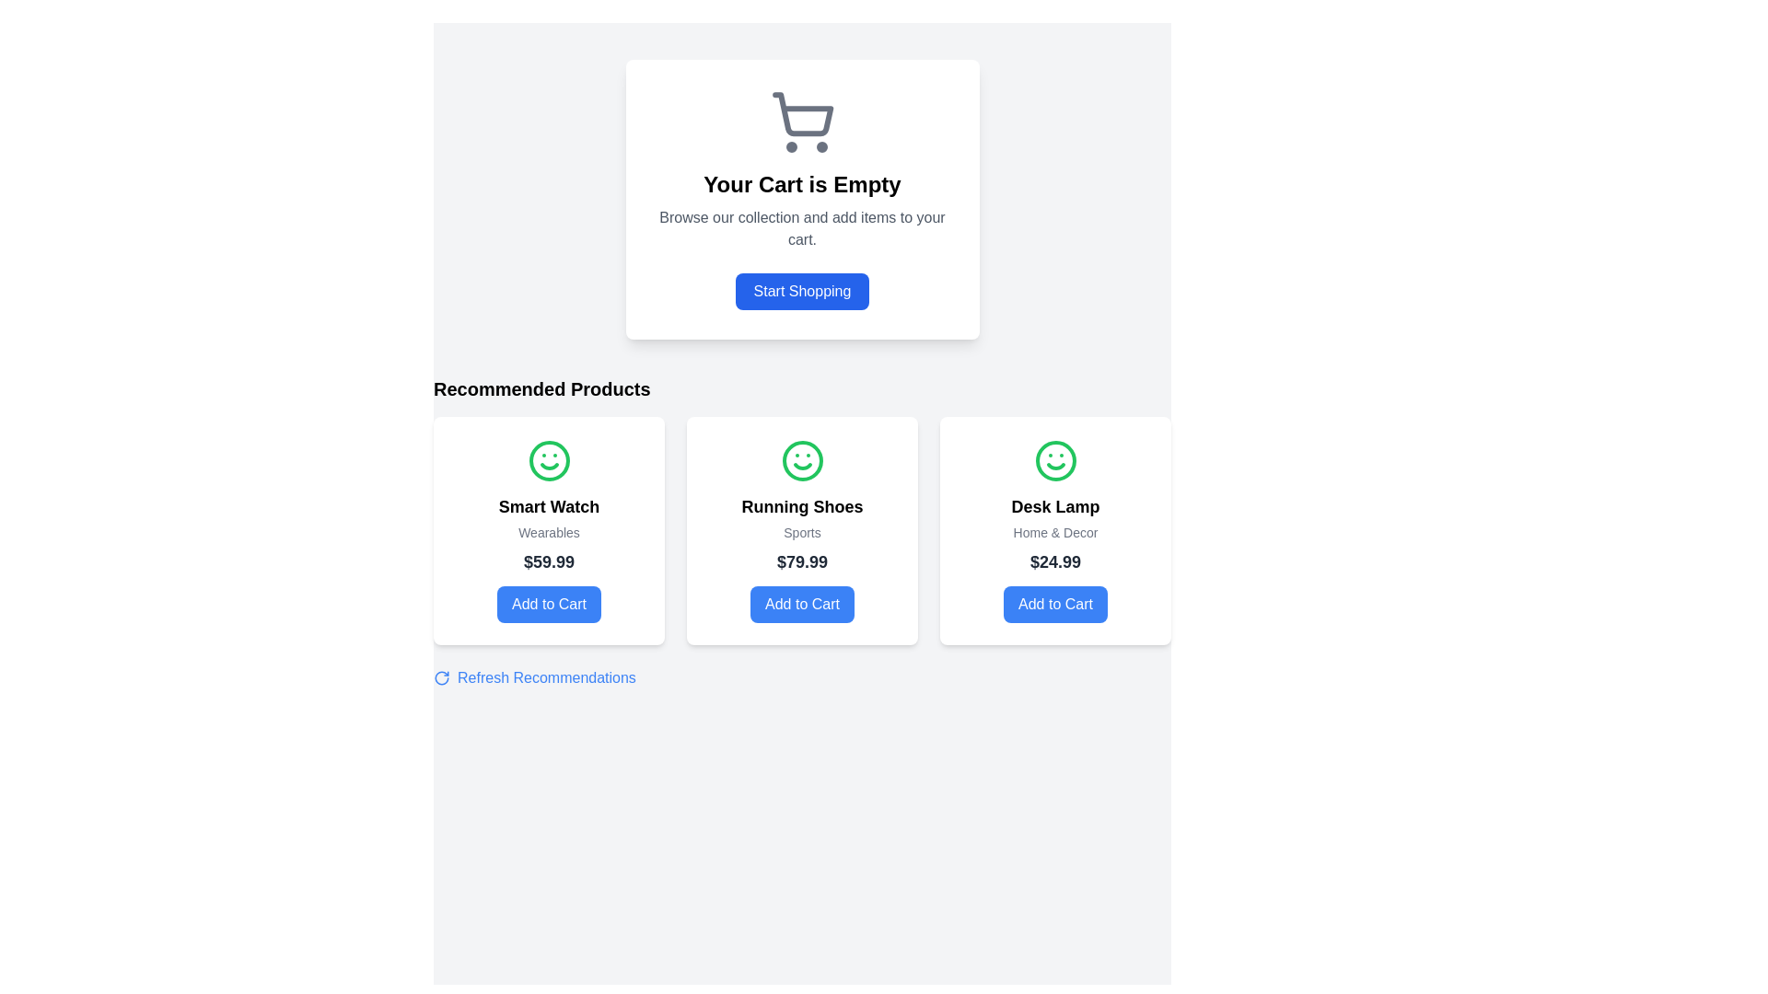  What do you see at coordinates (802, 290) in the screenshot?
I see `the prominently styled rectangular button with a blue background and white text 'Start Shopping'` at bounding box center [802, 290].